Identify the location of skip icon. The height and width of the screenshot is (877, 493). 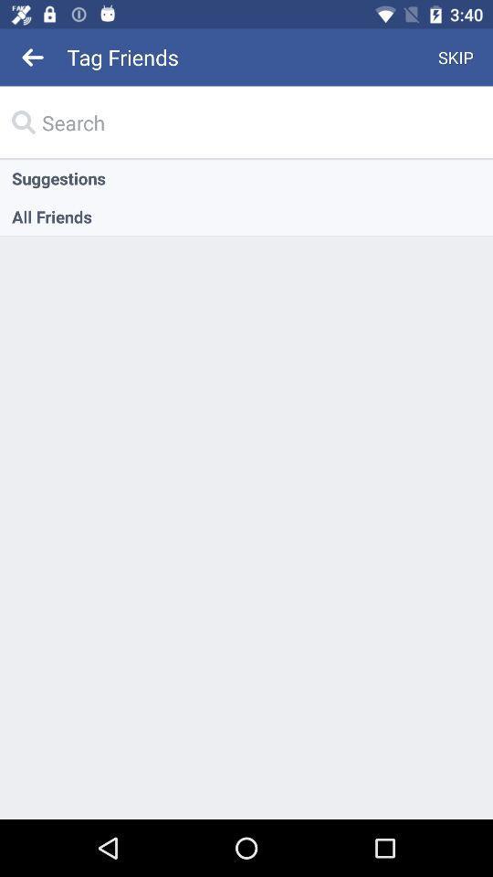
(455, 57).